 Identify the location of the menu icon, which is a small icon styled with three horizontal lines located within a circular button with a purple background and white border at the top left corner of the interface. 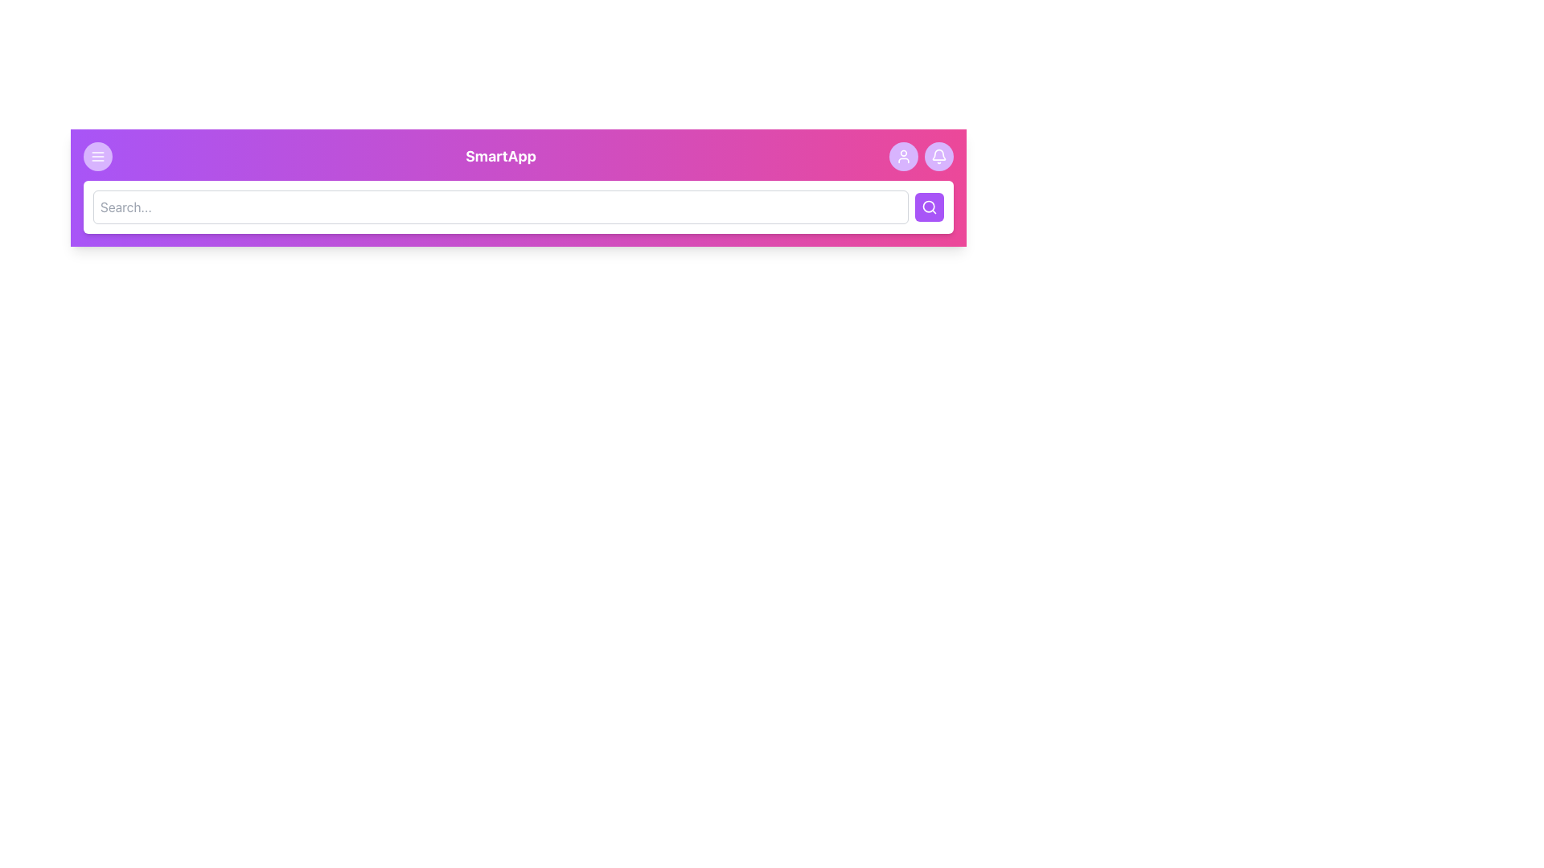
(96, 157).